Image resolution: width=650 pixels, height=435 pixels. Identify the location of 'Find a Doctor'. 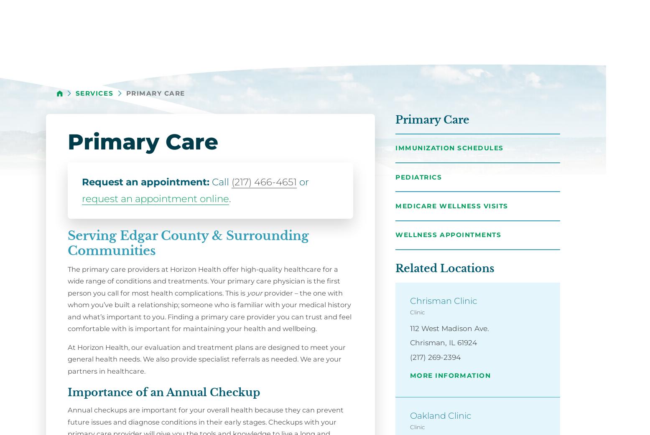
(395, 37).